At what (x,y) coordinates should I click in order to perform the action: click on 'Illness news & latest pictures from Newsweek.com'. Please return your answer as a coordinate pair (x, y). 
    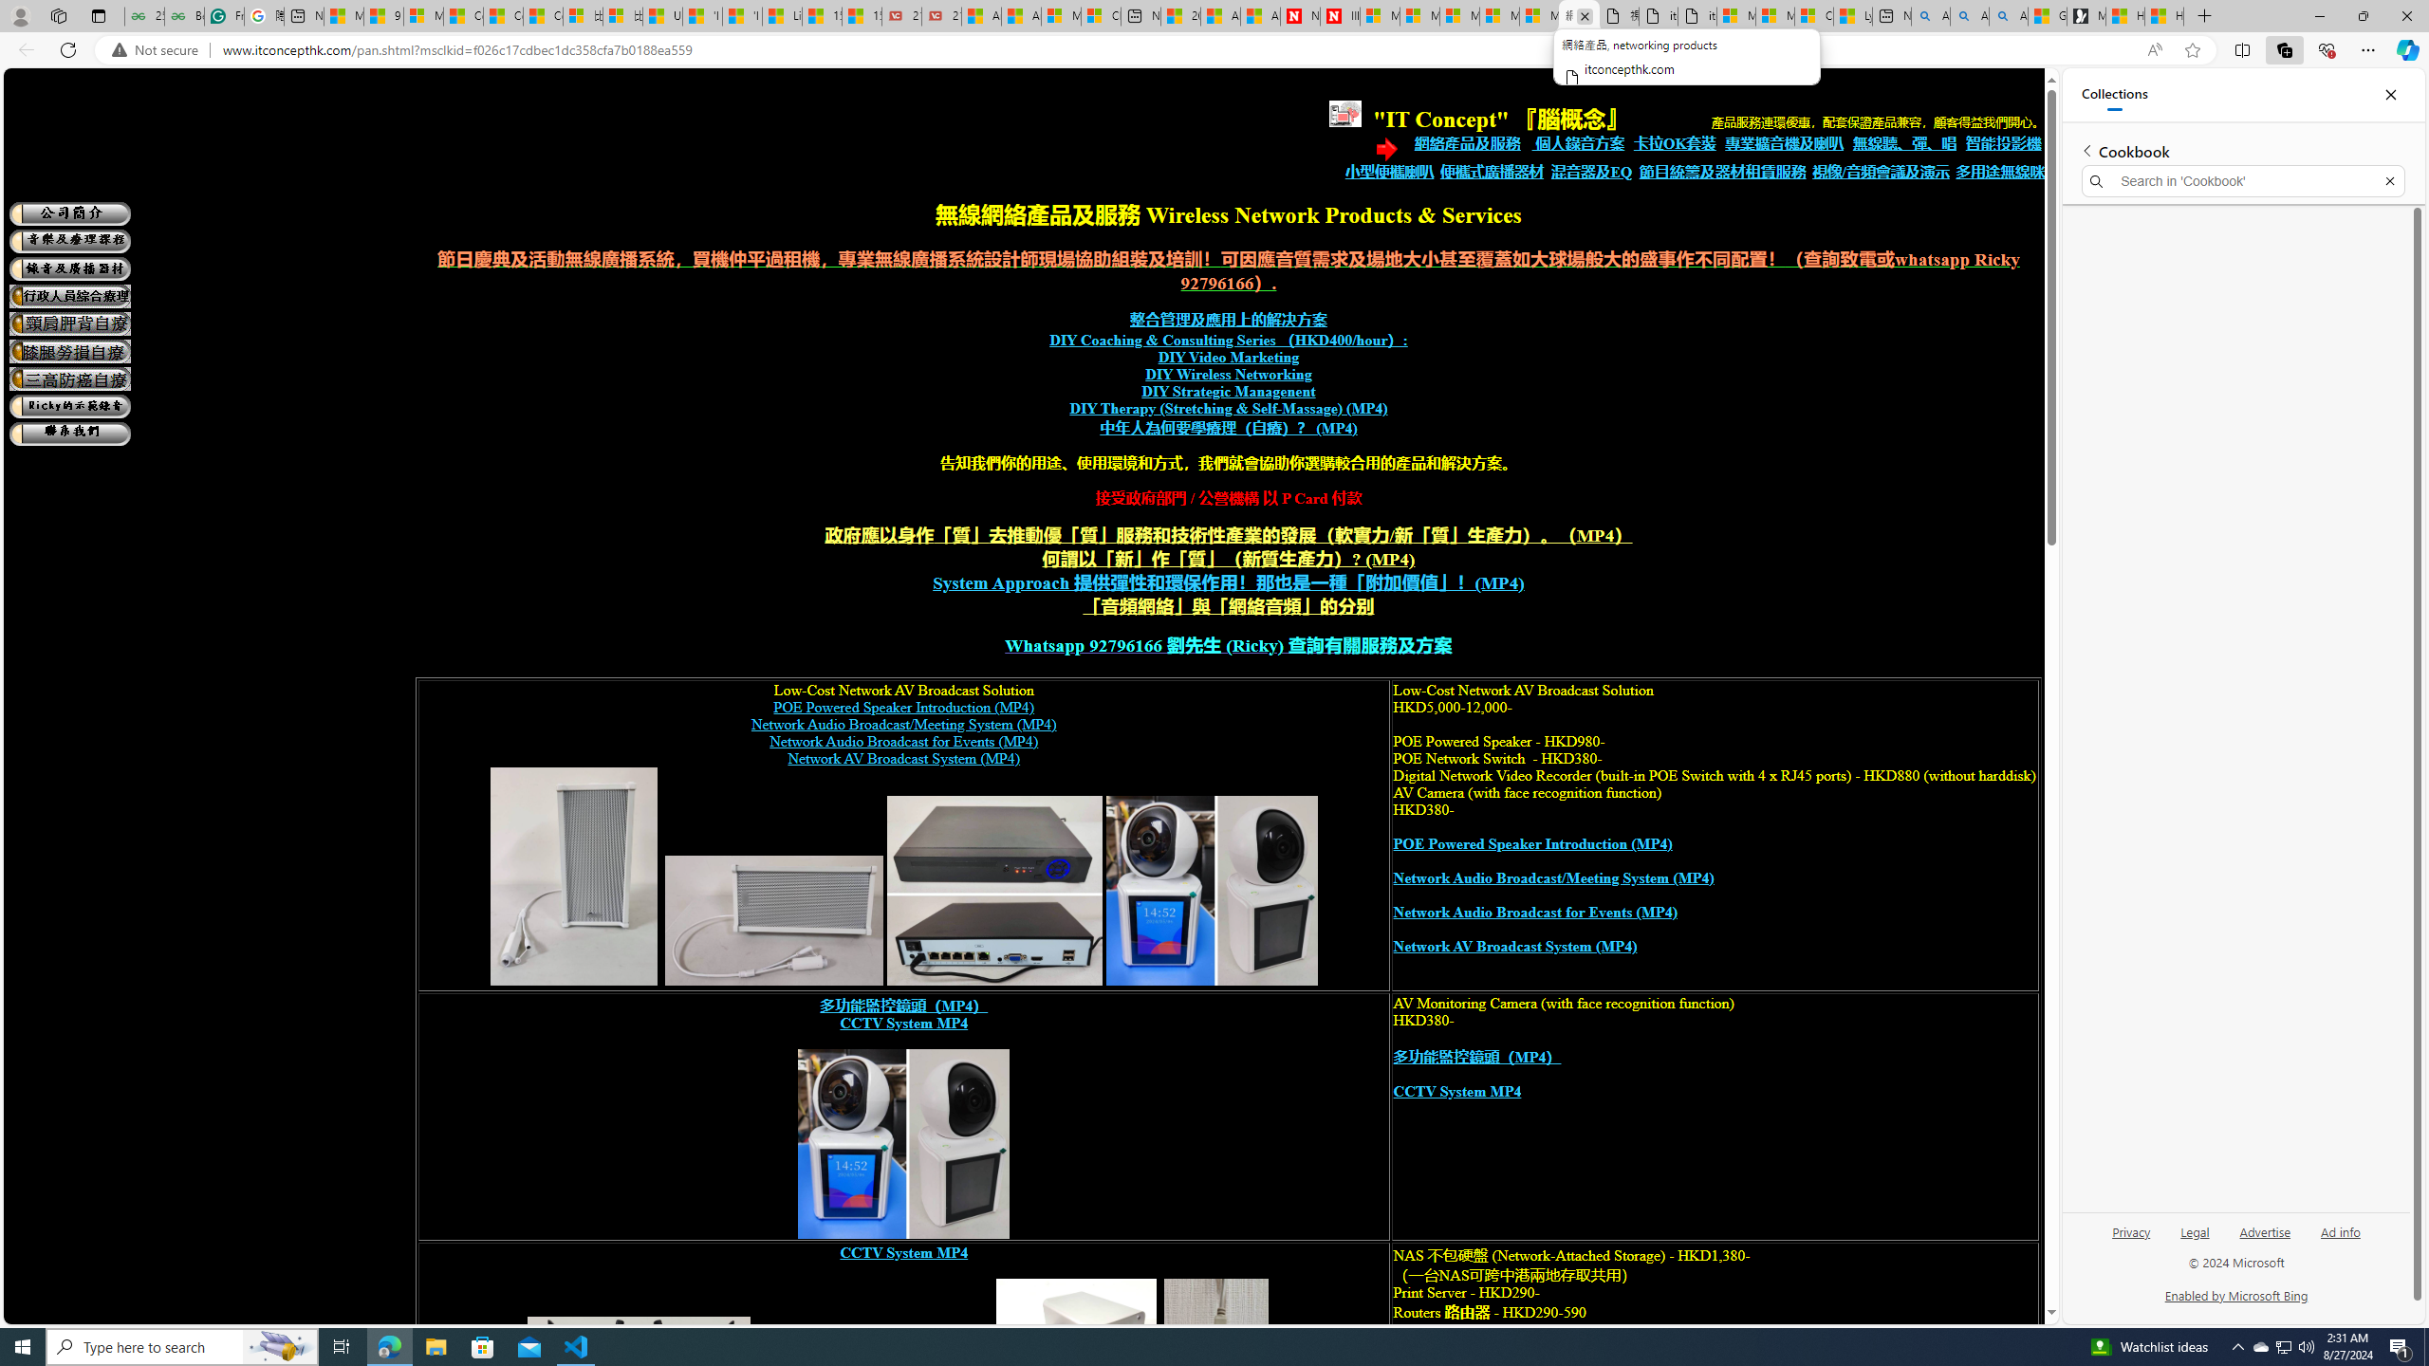
    Looking at the image, I should click on (1338, 15).